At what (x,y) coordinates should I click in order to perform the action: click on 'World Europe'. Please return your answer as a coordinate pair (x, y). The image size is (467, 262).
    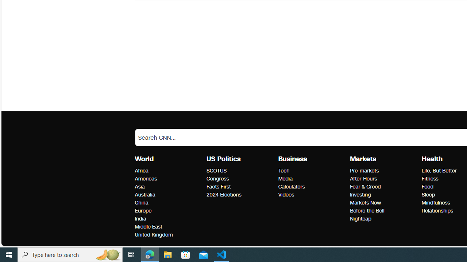
    Looking at the image, I should click on (143, 211).